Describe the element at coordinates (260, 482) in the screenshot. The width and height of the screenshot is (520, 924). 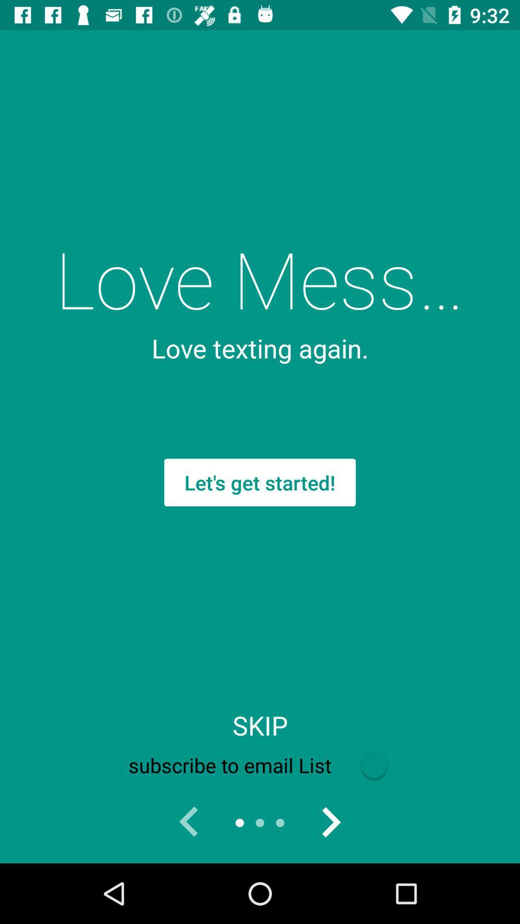
I see `let s get item` at that location.